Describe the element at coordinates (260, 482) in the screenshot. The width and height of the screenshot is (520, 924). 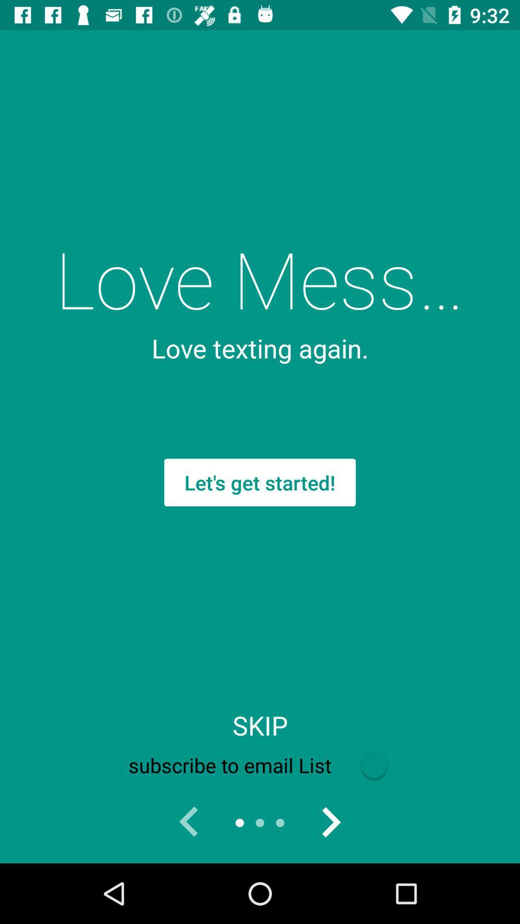
I see `let s get item` at that location.